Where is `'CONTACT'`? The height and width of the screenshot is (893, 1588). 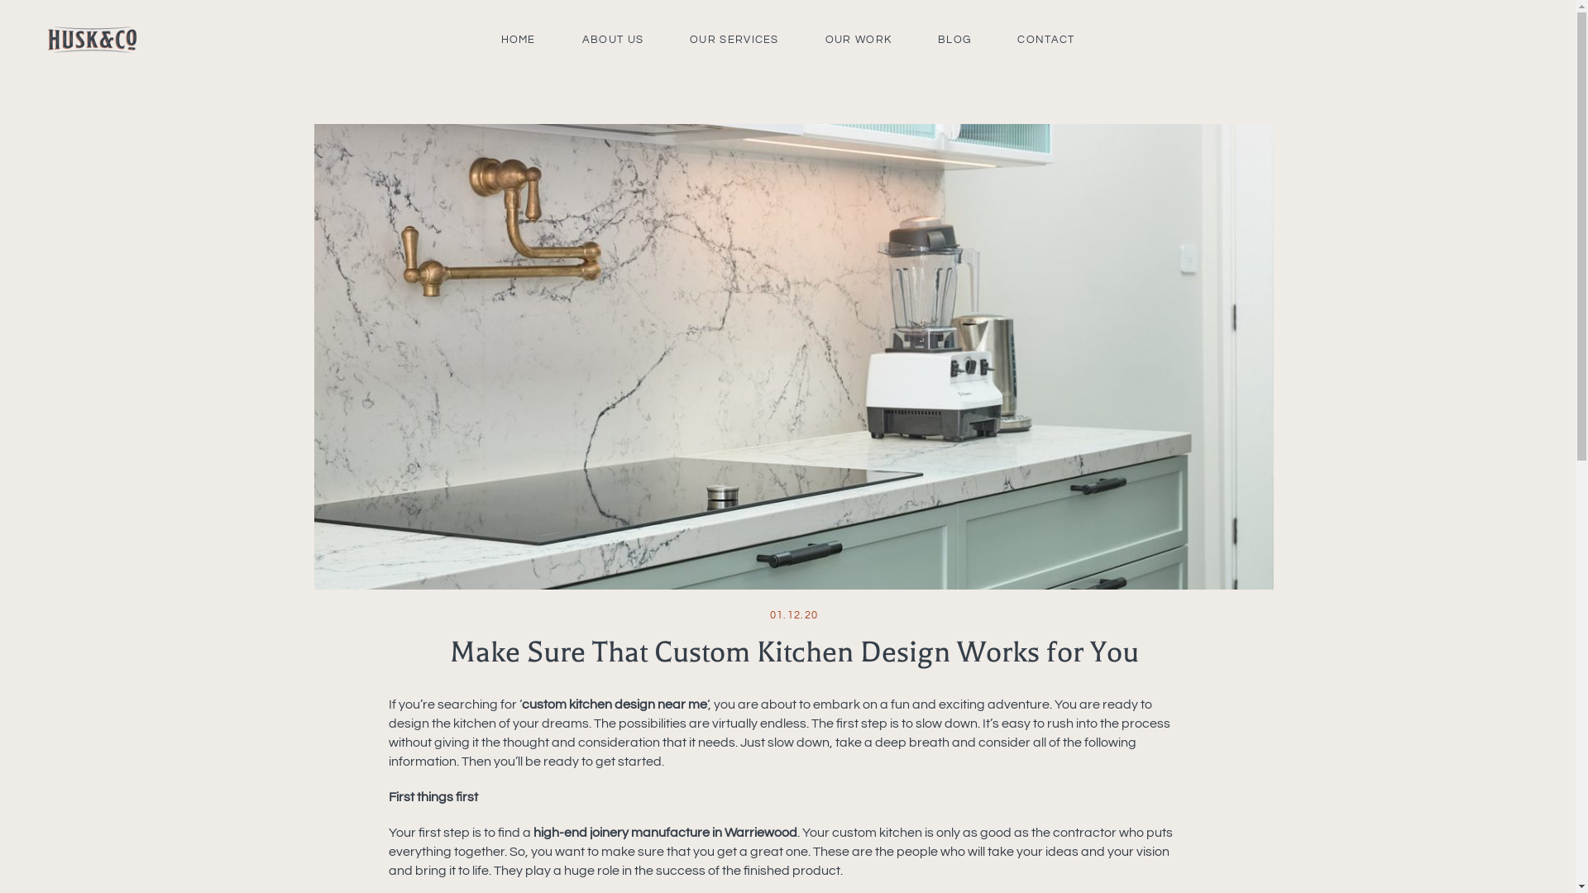
'CONTACT' is located at coordinates (1045, 38).